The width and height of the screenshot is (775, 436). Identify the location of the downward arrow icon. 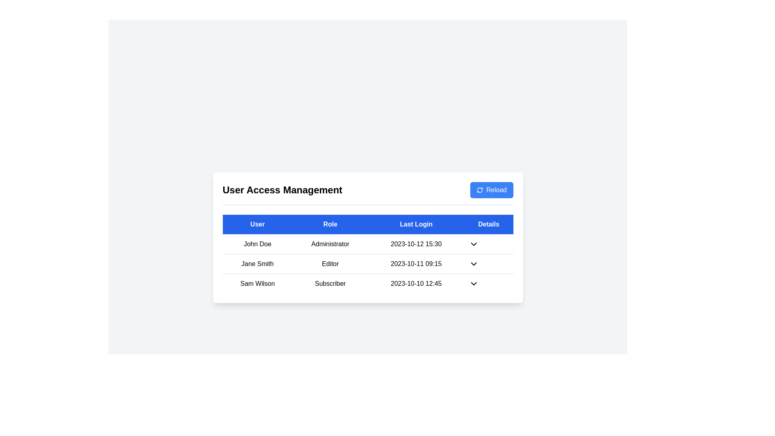
(474, 264).